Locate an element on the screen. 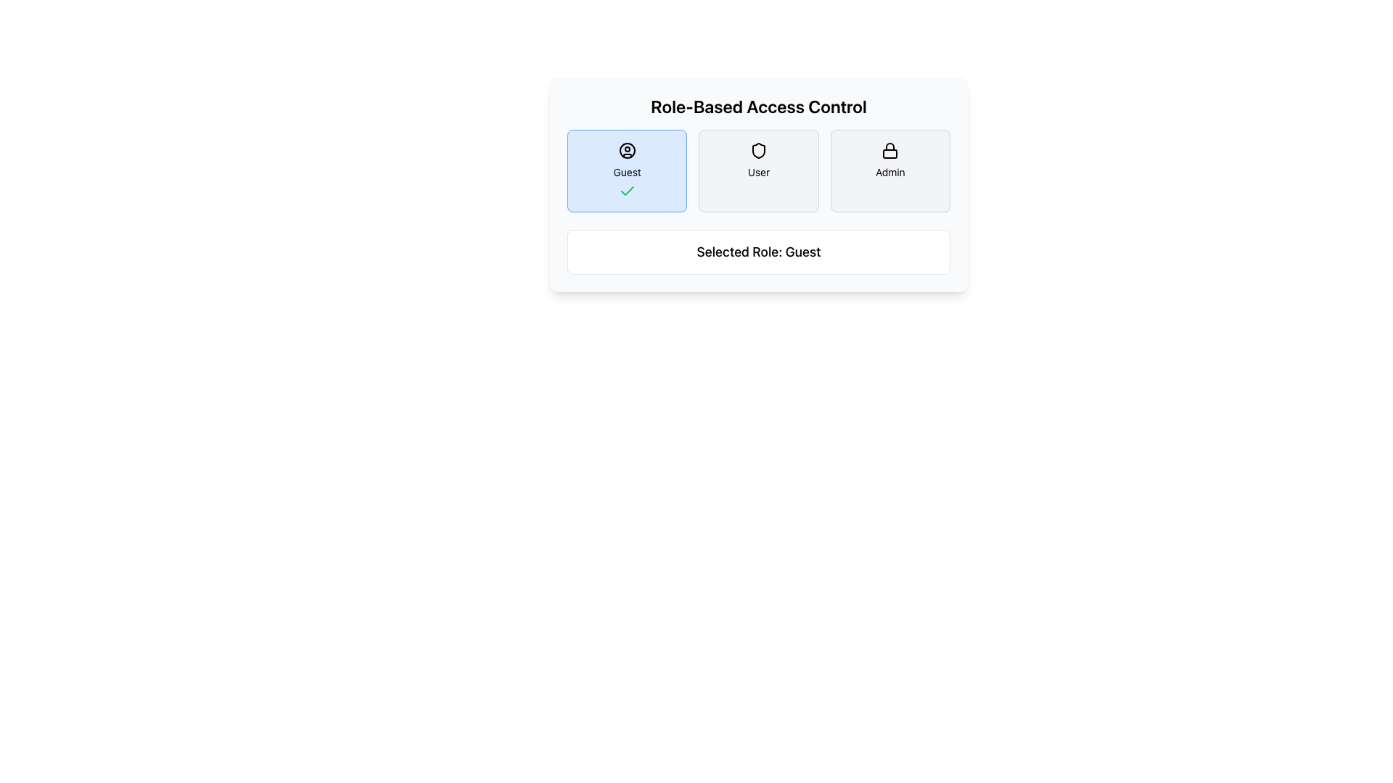  the text label displaying 'Guest' which is styled in a small sans-serif font and located within a light blue box on the first card of a row is located at coordinates (627, 172).